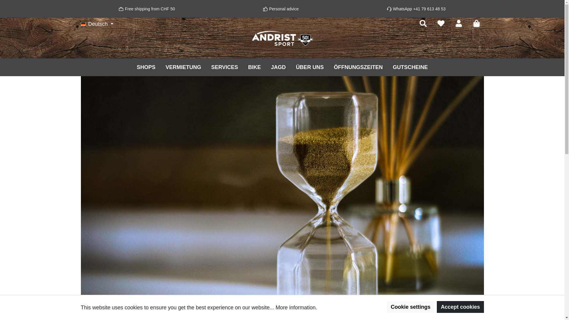 This screenshot has height=320, width=569. I want to click on 'More information', so click(295, 307).